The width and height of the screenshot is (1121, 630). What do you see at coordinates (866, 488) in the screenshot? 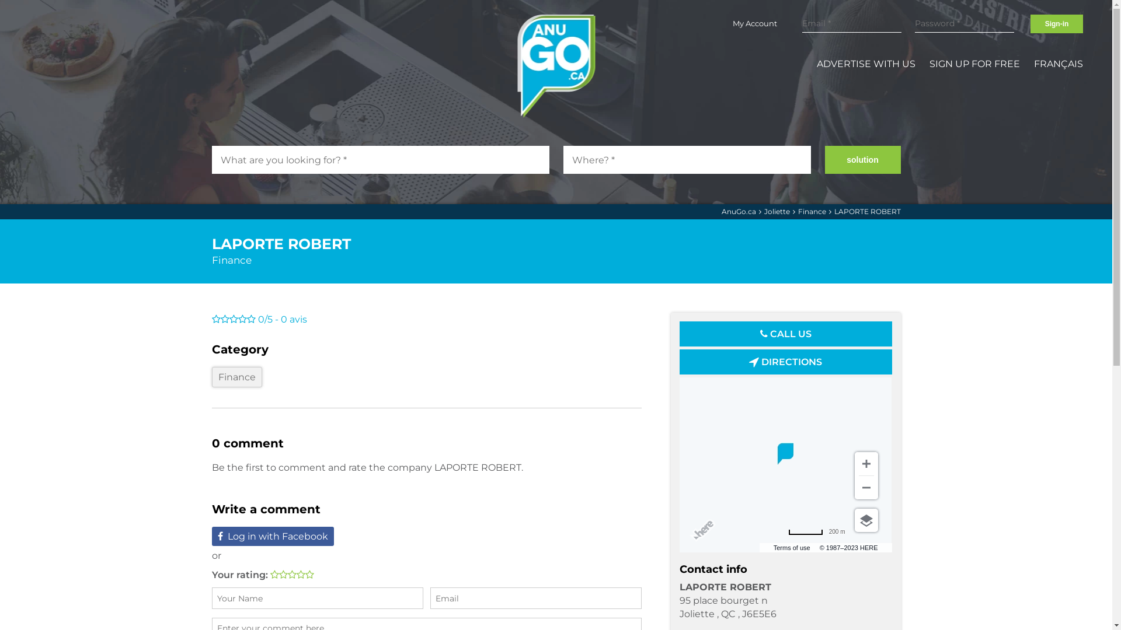
I see `'Zoom out'` at bounding box center [866, 488].